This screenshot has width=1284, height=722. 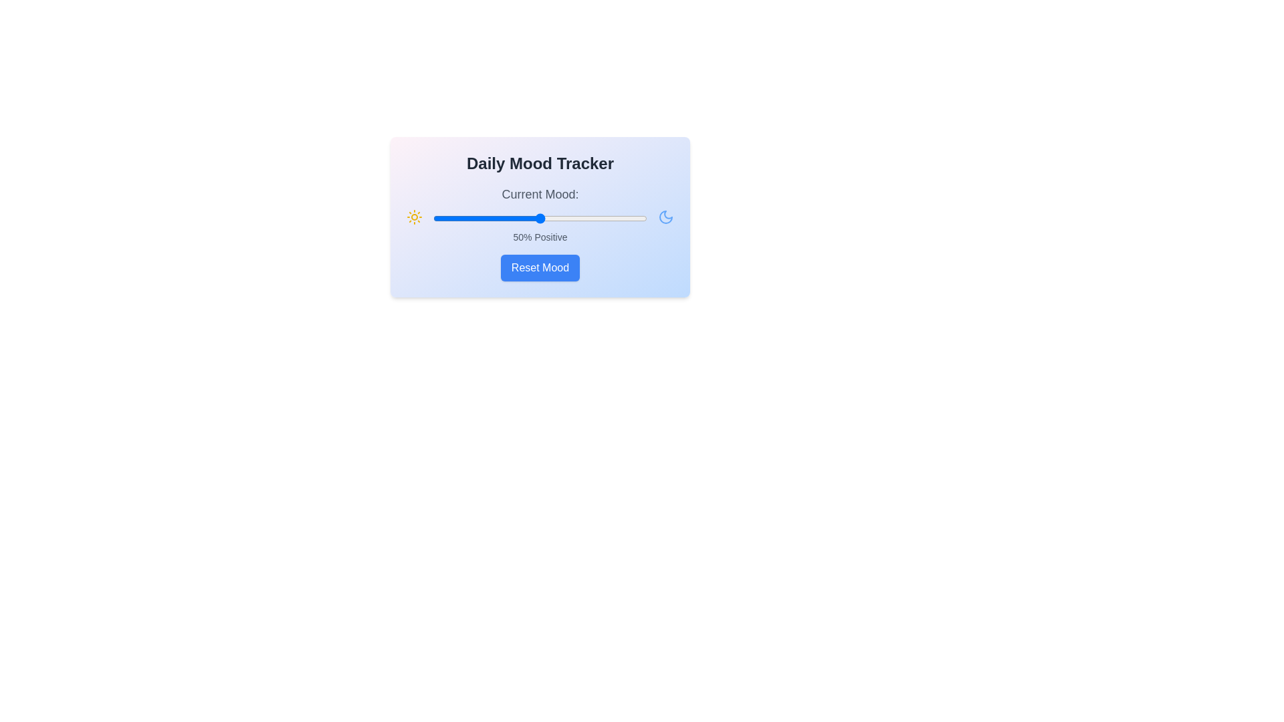 What do you see at coordinates (615, 218) in the screenshot?
I see `the mood slider` at bounding box center [615, 218].